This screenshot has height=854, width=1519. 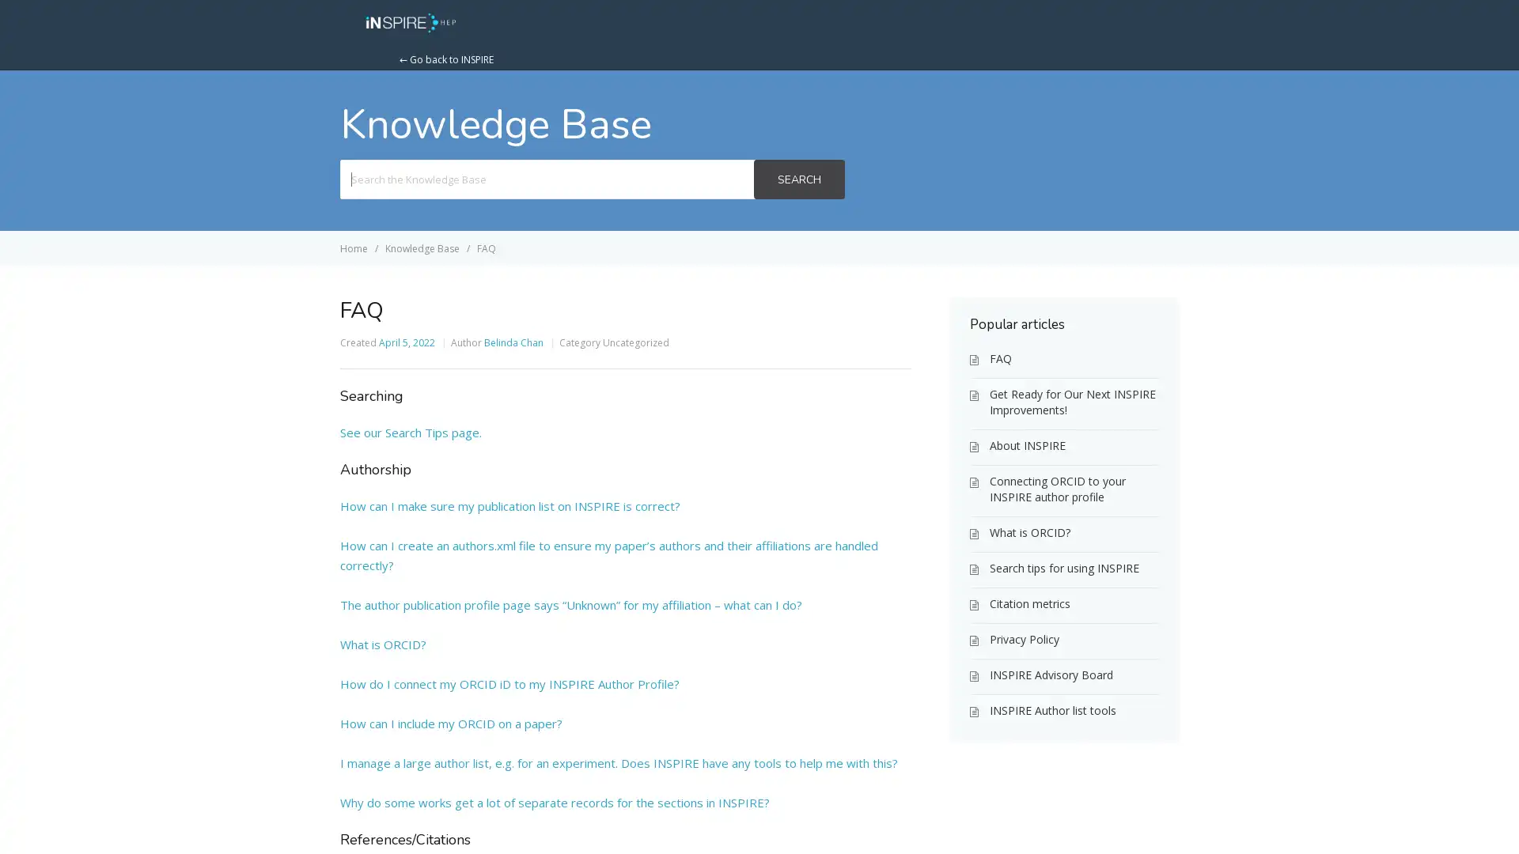 I want to click on SEARCH, so click(x=798, y=179).